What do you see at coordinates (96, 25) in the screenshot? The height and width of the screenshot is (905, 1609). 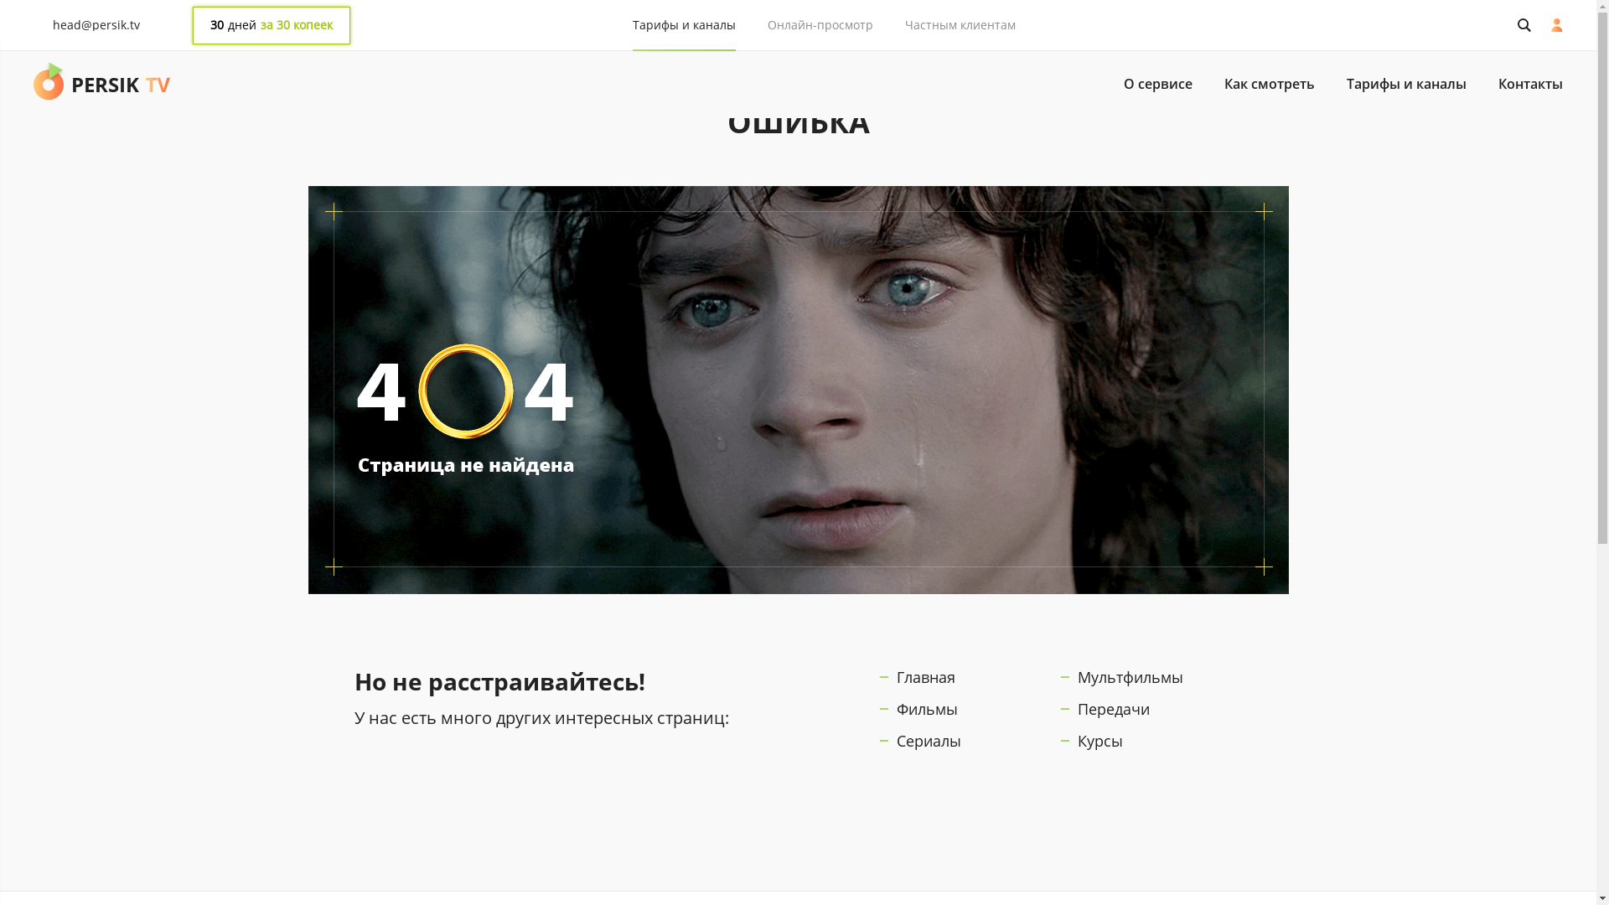 I see `'head@persik.tv'` at bounding box center [96, 25].